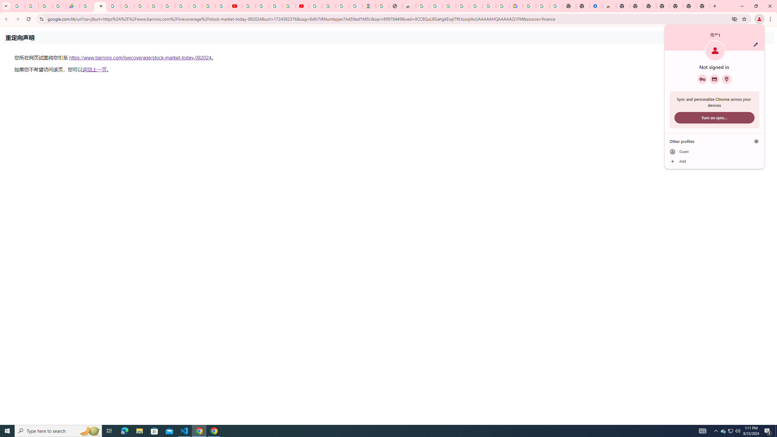  Describe the element at coordinates (735, 19) in the screenshot. I see `'Third-party cookies blocked'` at that location.